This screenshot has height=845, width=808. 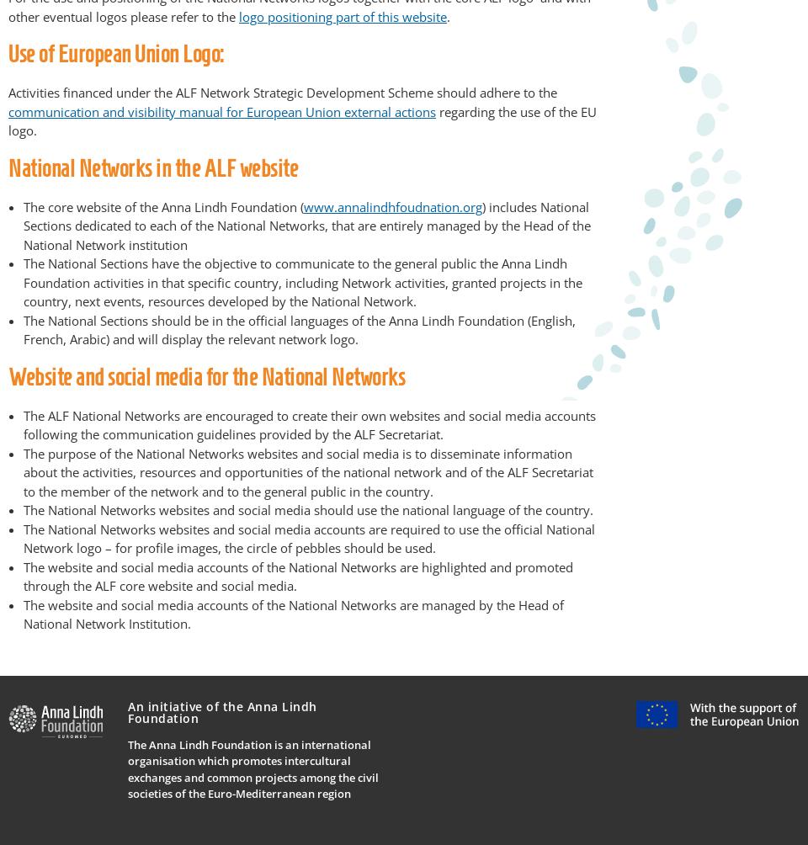 I want to click on 'Activities financed under the ALF Network Strategic Development Scheme should adhere to the', so click(x=283, y=93).